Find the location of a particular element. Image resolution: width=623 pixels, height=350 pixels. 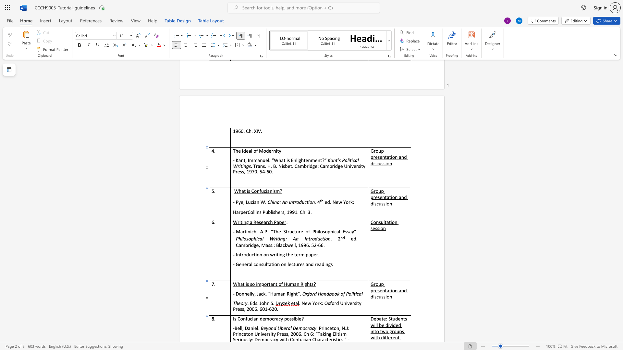

the 1th character "h" in the text is located at coordinates (255, 231).